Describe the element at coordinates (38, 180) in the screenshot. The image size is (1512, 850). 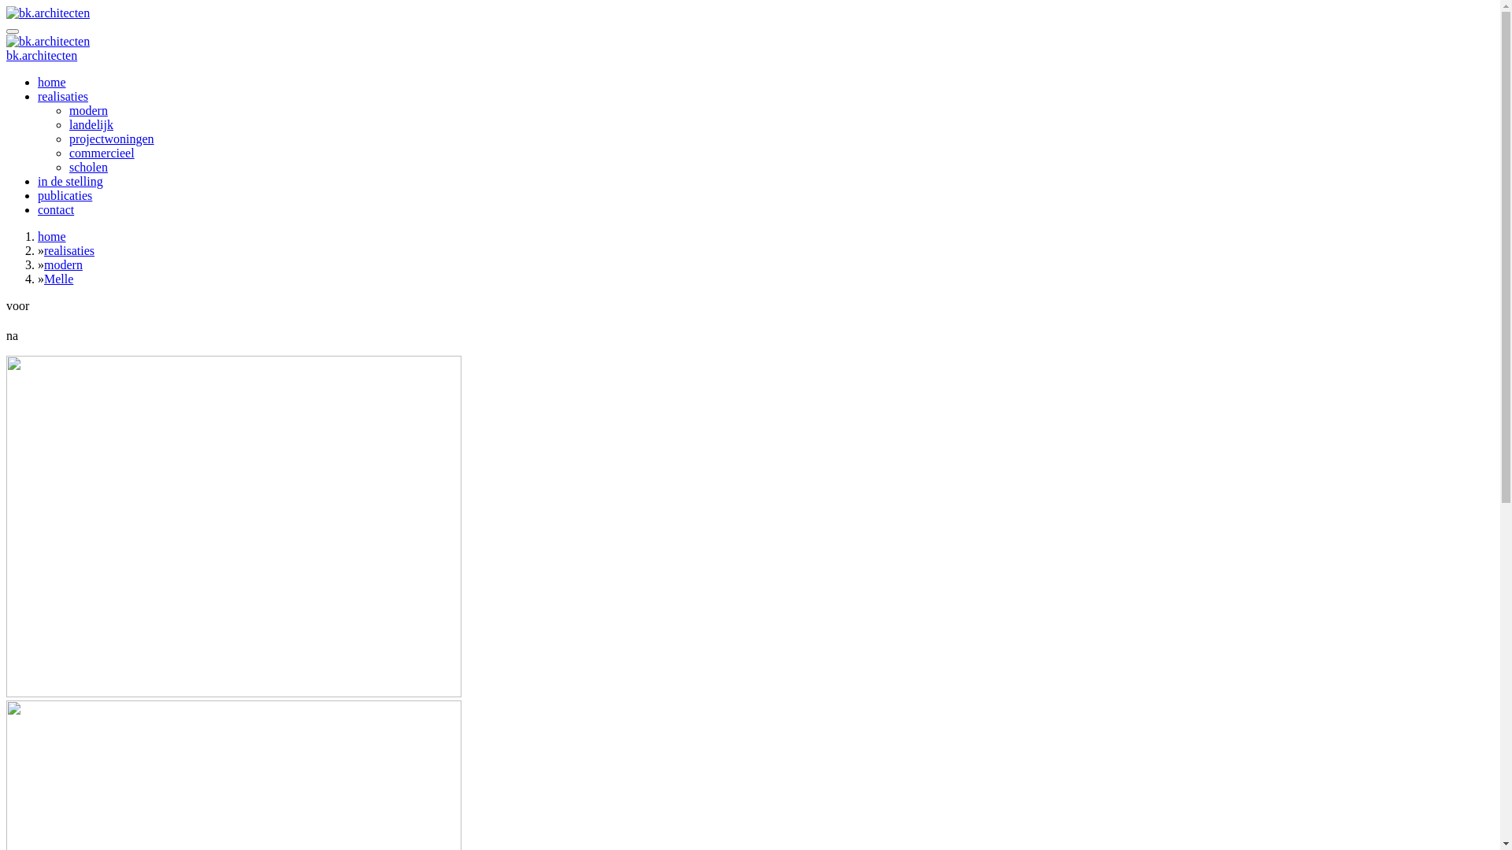
I see `'in de stelling'` at that location.